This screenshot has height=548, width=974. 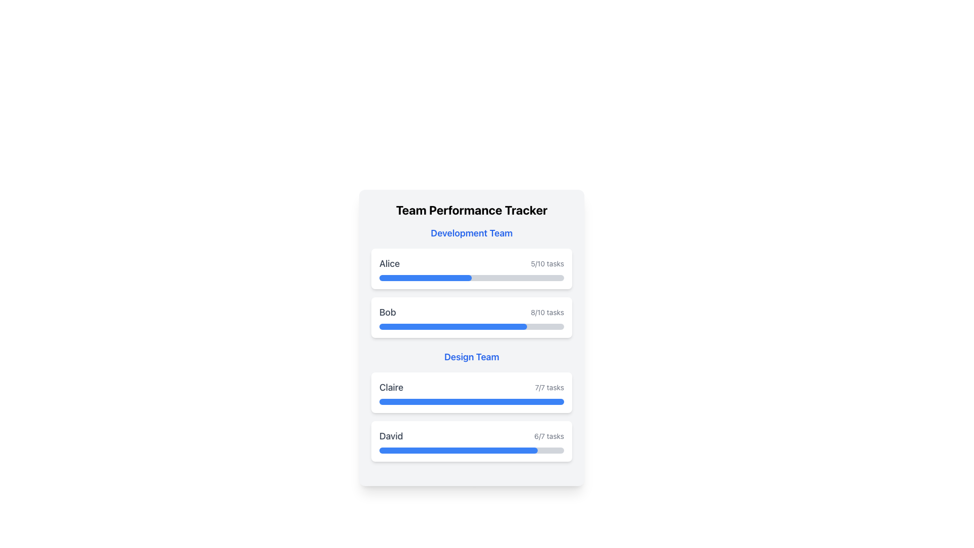 I want to click on the blue progress bar indicating 85.7% completion within the 'David' card under the 'Design Team' section, so click(x=458, y=450).